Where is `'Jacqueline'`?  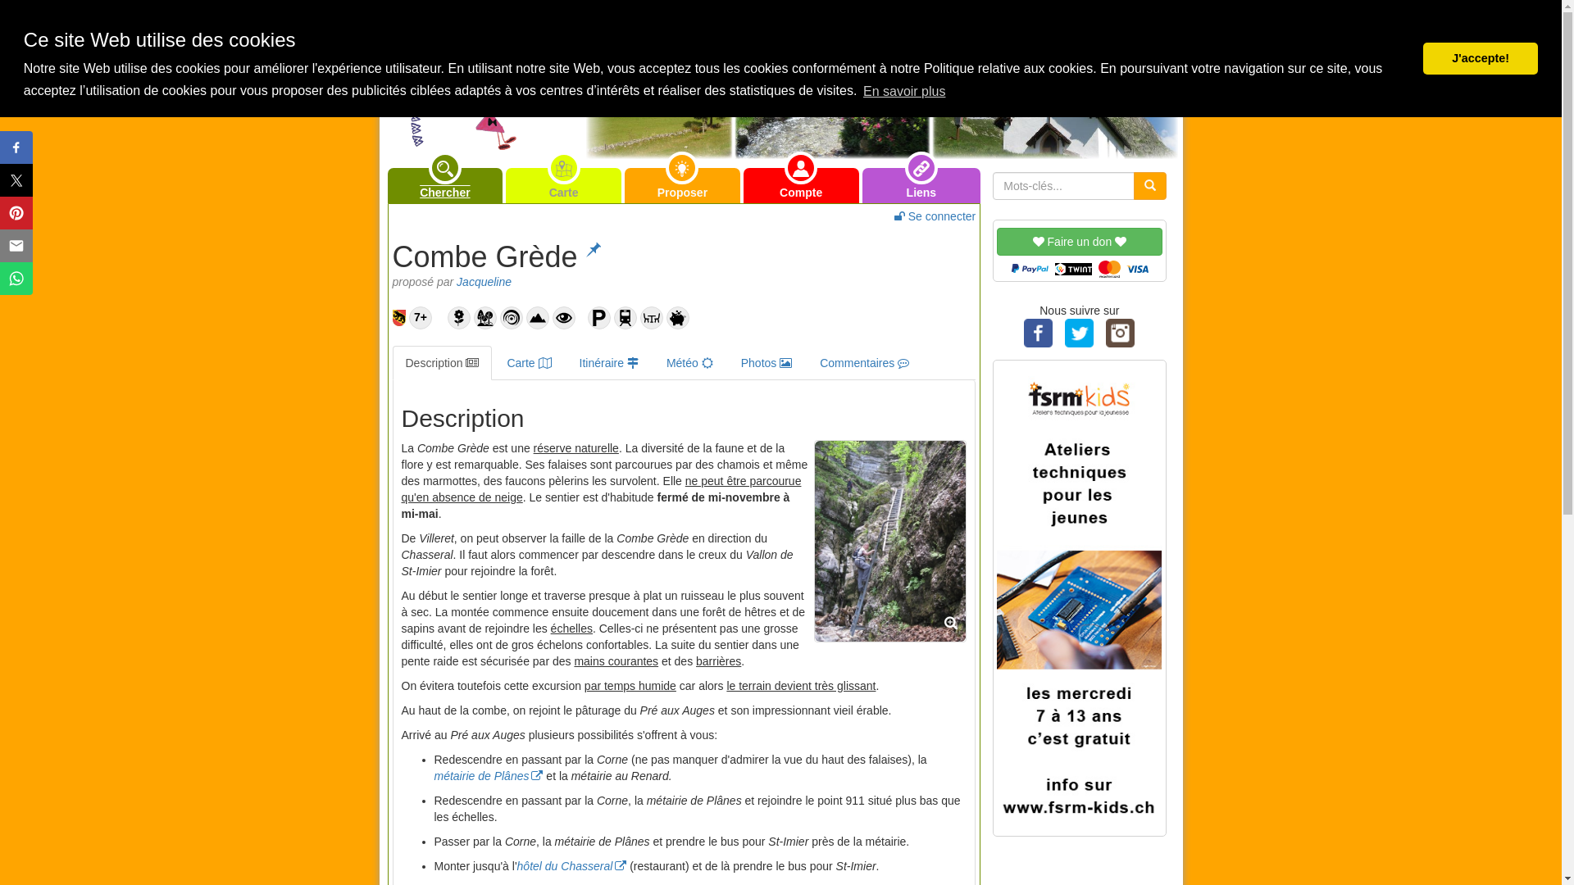 'Jacqueline' is located at coordinates (483, 280).